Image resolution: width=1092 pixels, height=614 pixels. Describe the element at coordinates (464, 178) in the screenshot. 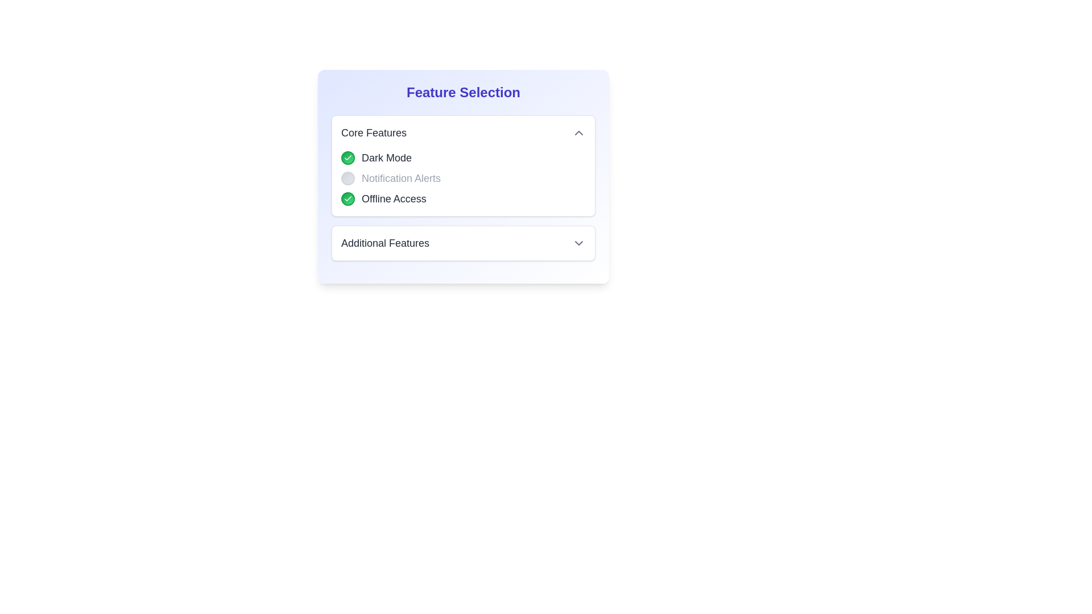

I see `the second item in the feature selection list under 'Core Features'` at that location.